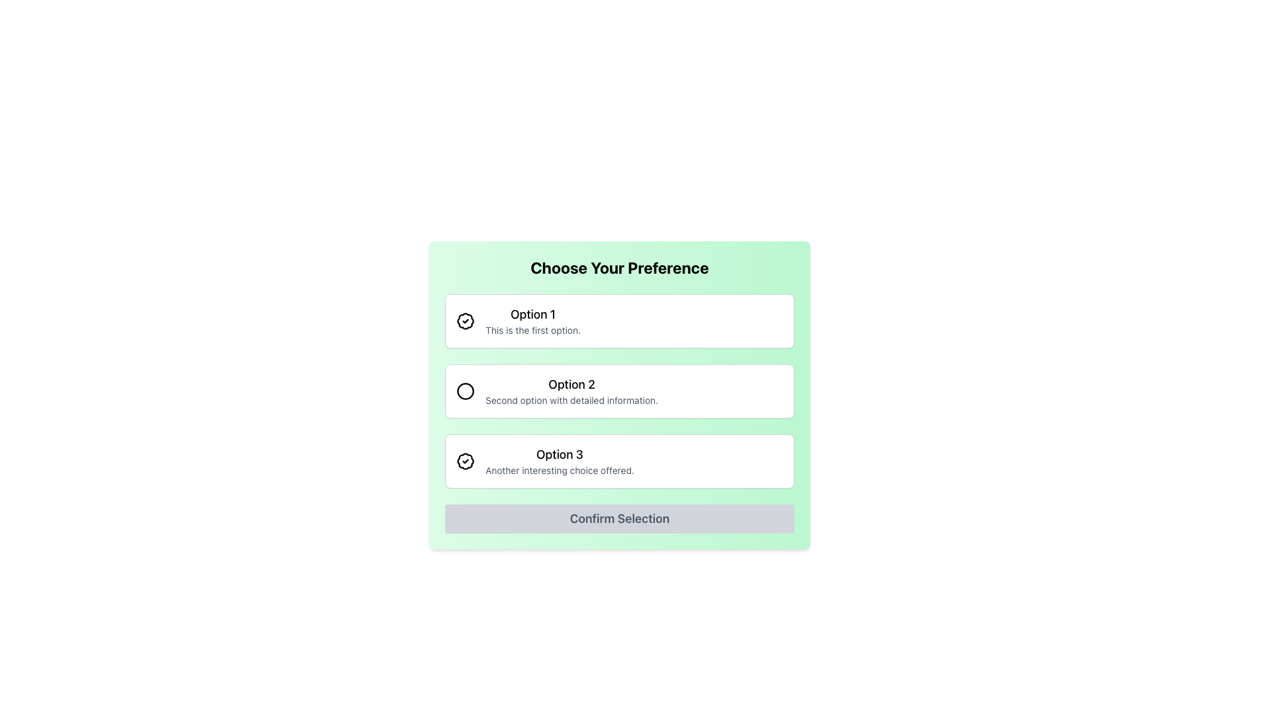 This screenshot has width=1270, height=714. I want to click on the third selectable option card in the preference picker, so click(618, 461).